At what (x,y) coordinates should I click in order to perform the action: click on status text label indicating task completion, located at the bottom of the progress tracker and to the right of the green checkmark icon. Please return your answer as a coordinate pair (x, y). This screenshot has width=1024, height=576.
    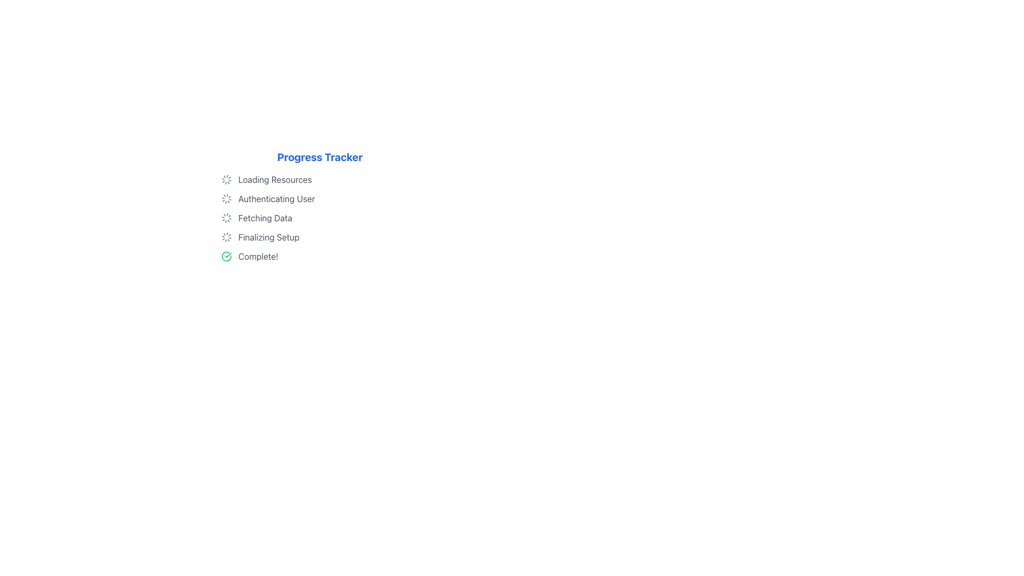
    Looking at the image, I should click on (258, 257).